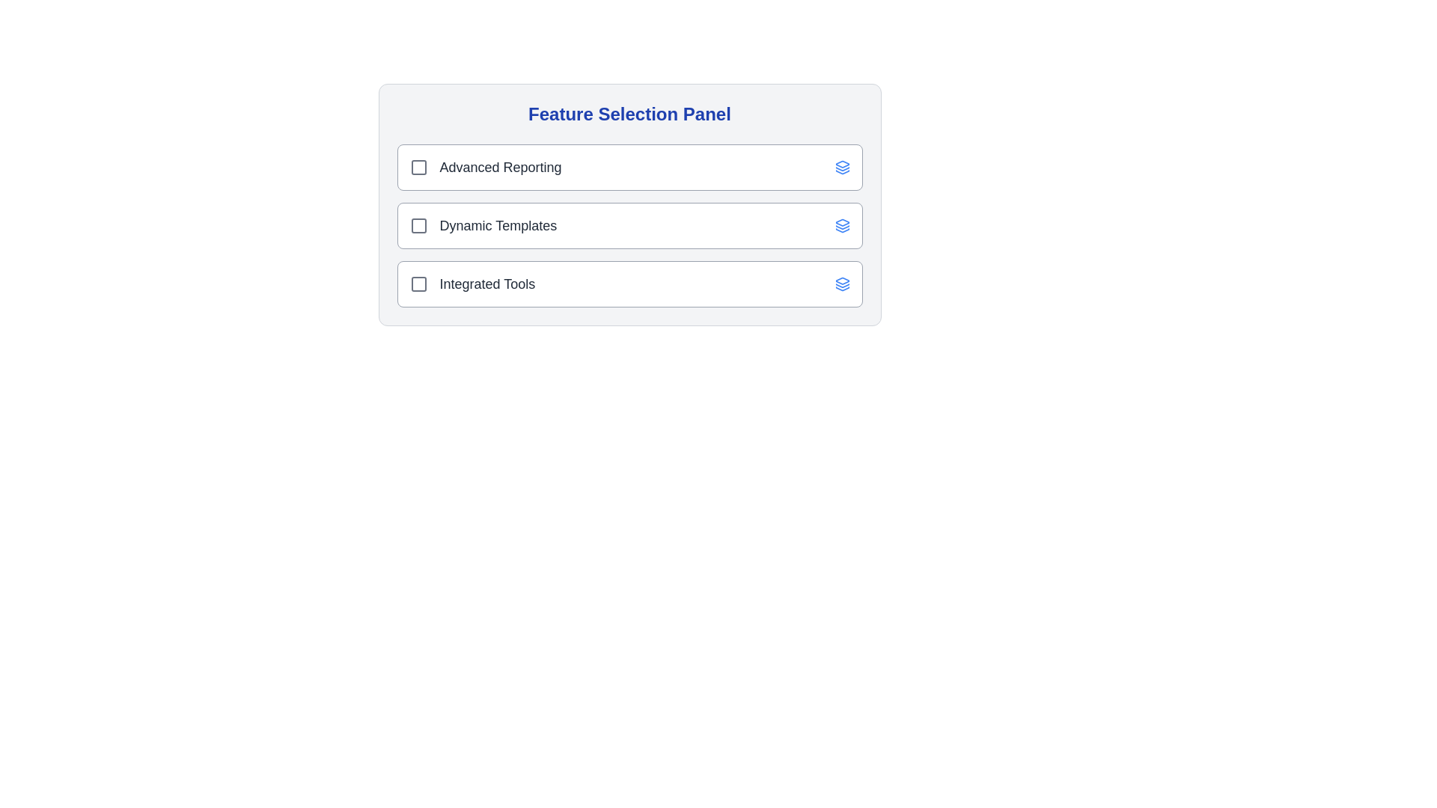 The height and width of the screenshot is (808, 1437). Describe the element at coordinates (418, 284) in the screenshot. I see `the gray square-shaped checkbox with rounded corners located to the left of the text 'Integrated Tools' in the third row of the 'Feature Selection Panel'` at that location.